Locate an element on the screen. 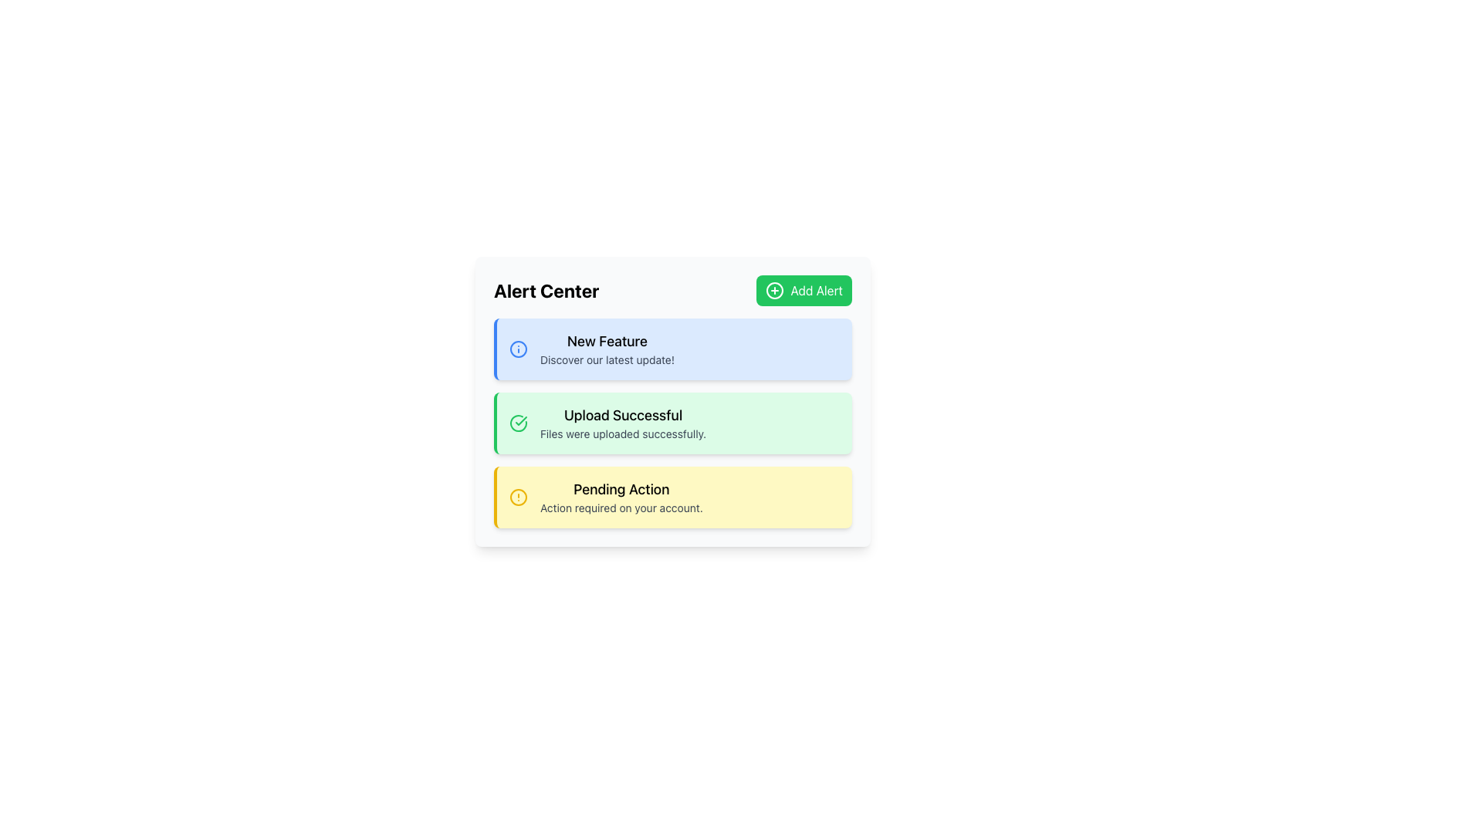  static text displaying 'Discover our latest update!' located beneath the 'New Feature' title in the light blue notification panel is located at coordinates (607, 359).